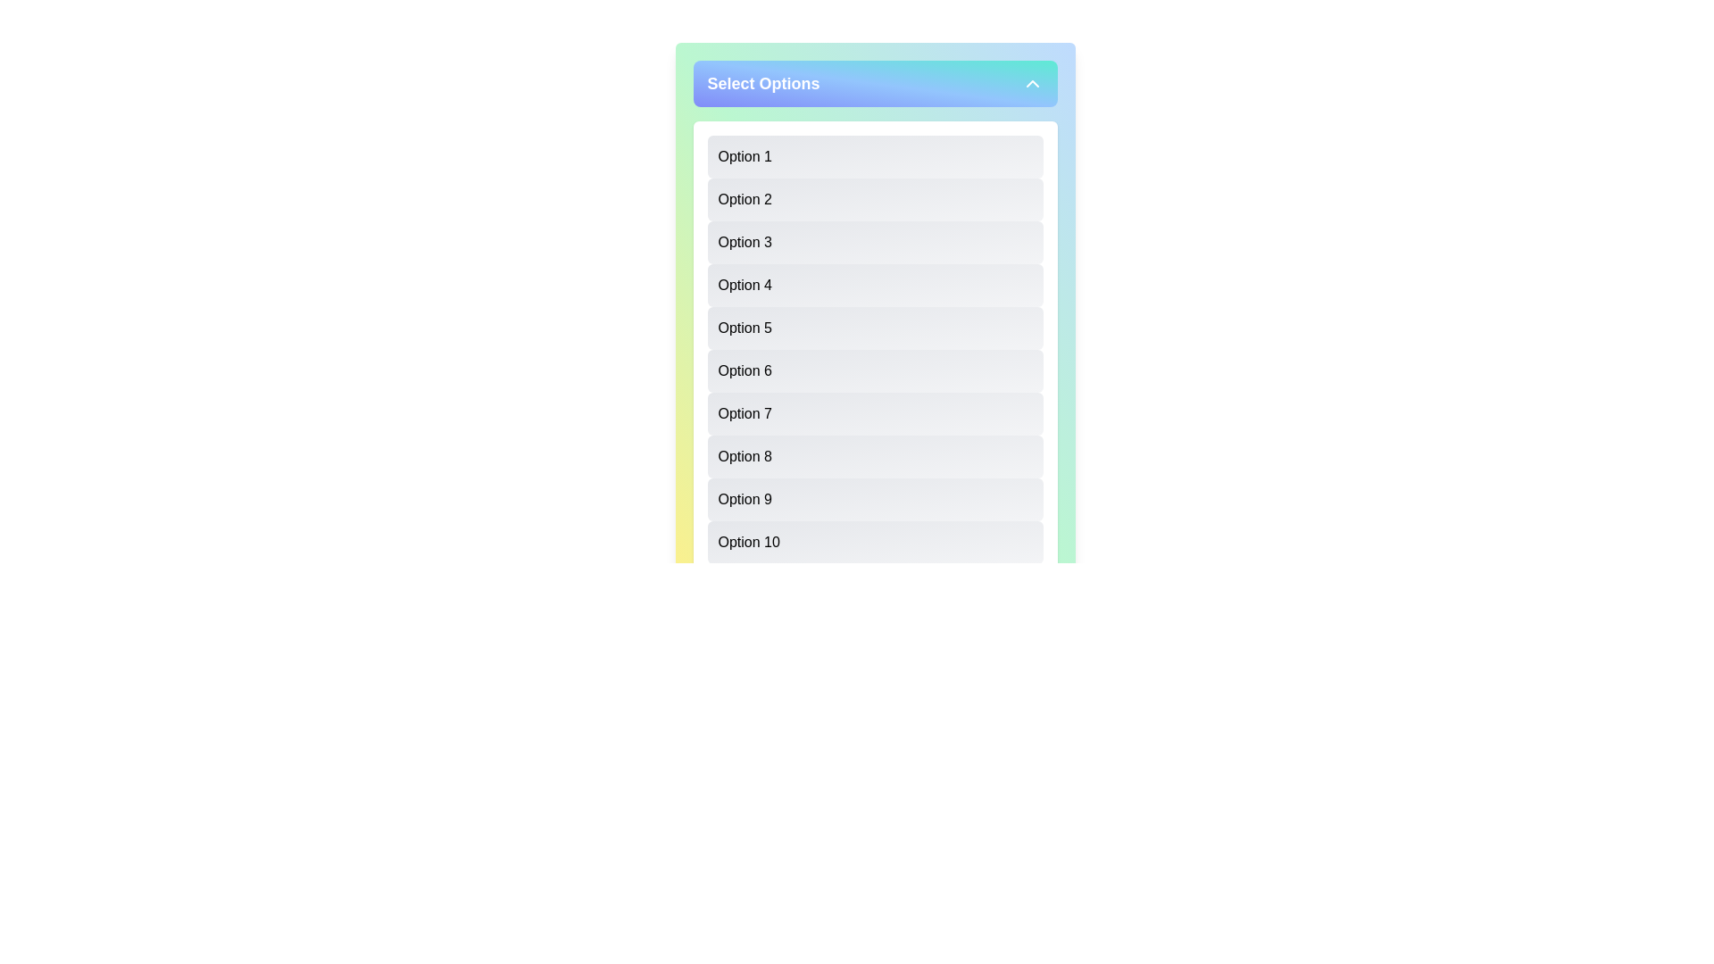  Describe the element at coordinates (875, 156) in the screenshot. I see `the first selectable list item labeled 'Option 1' under the 'Select Options' section` at that location.